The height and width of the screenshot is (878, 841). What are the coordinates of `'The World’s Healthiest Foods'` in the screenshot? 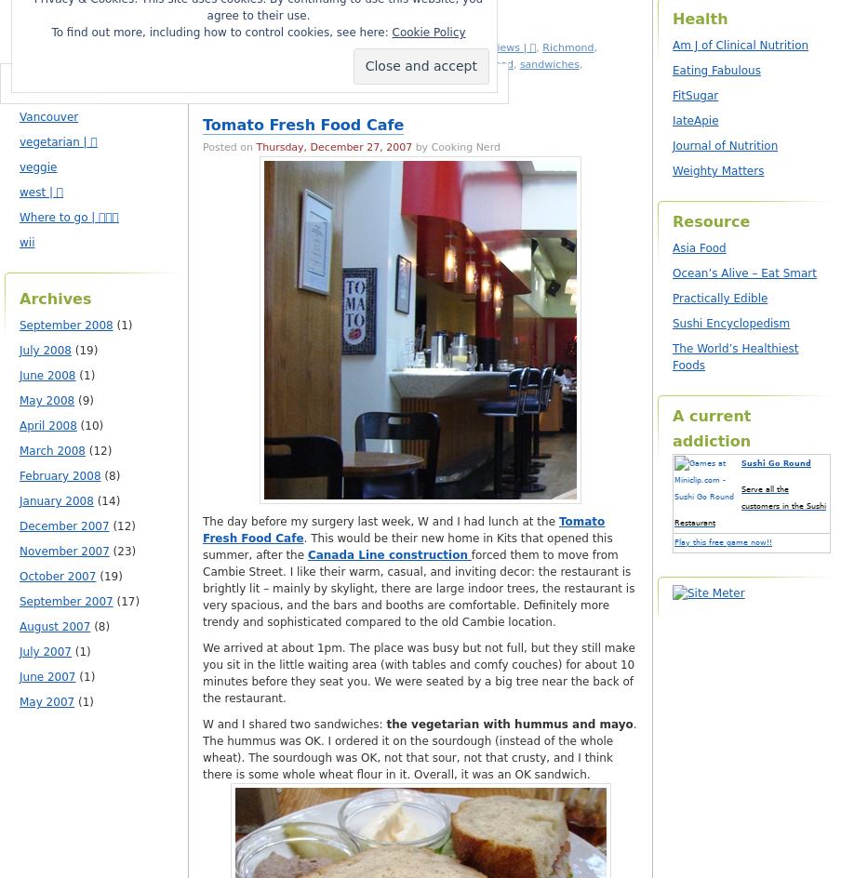 It's located at (735, 357).